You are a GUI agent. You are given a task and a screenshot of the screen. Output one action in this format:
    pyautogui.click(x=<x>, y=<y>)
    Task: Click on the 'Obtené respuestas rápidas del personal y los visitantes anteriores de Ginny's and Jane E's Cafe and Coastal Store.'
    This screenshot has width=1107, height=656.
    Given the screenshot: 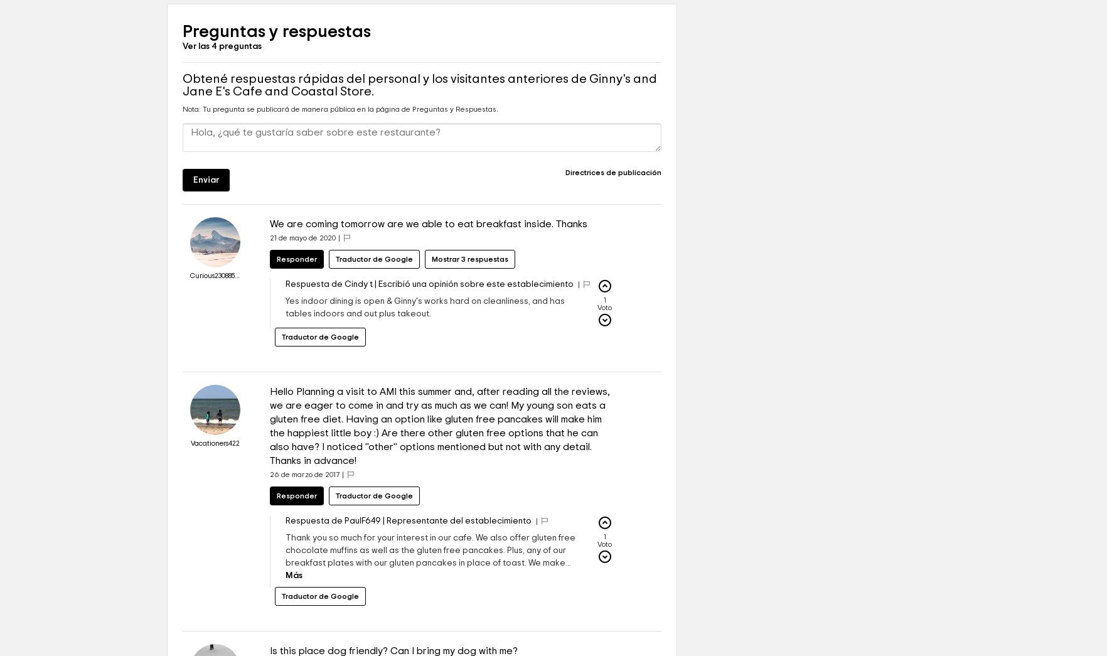 What is the action you would take?
    pyautogui.click(x=420, y=123)
    